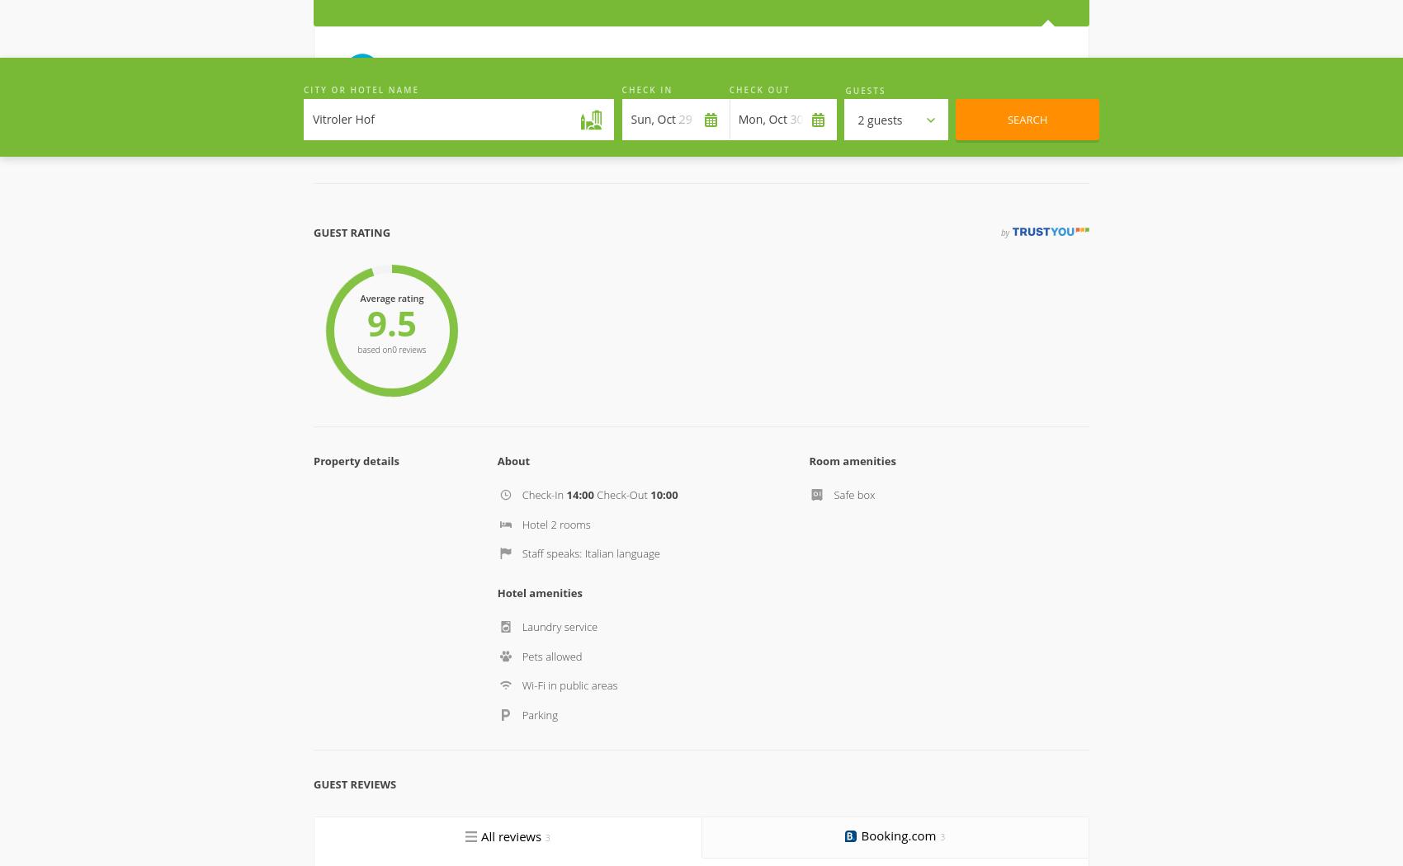  Describe the element at coordinates (666, 788) in the screenshot. I see `'Cookies'` at that location.